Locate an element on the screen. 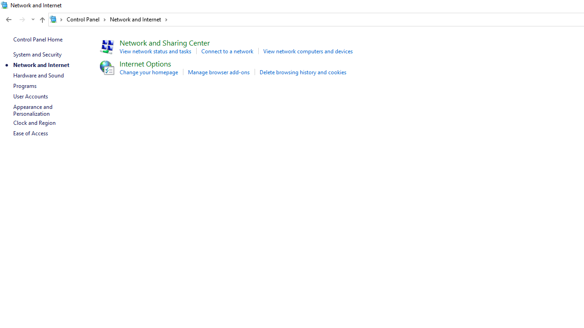 The image size is (584, 328). 'System and Security' is located at coordinates (36, 54).